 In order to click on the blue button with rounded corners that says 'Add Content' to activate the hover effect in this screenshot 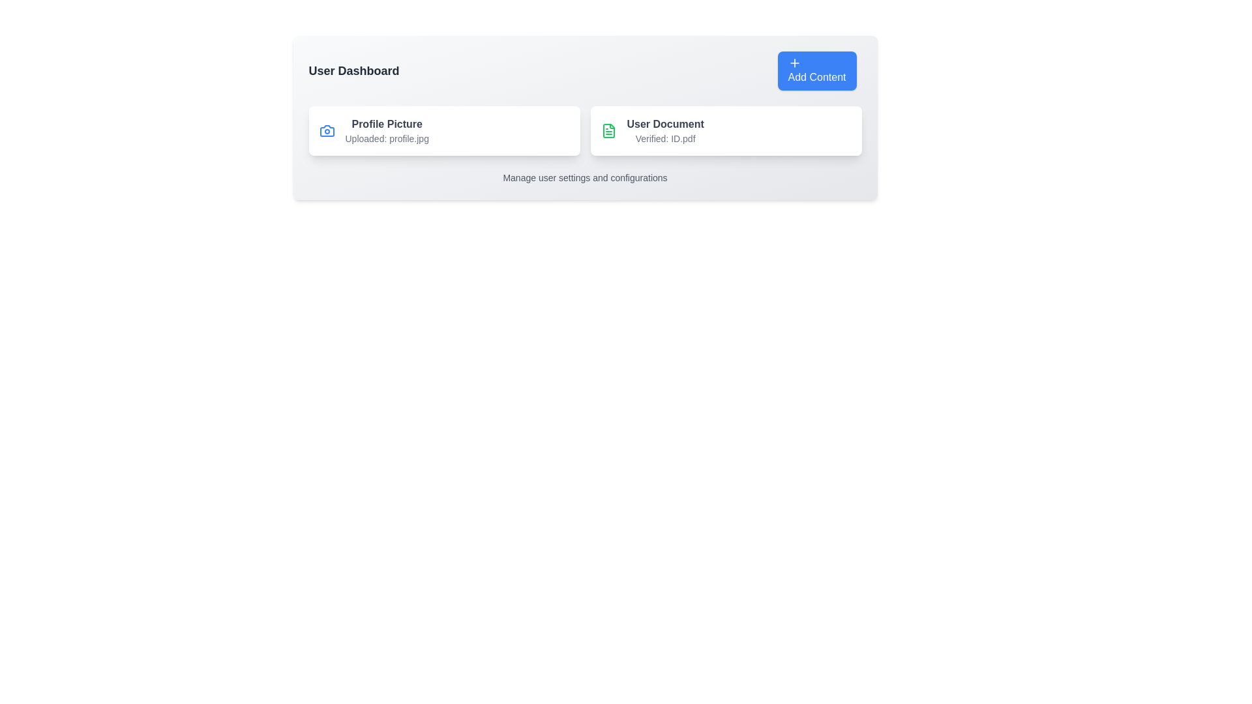, I will do `click(816, 70)`.